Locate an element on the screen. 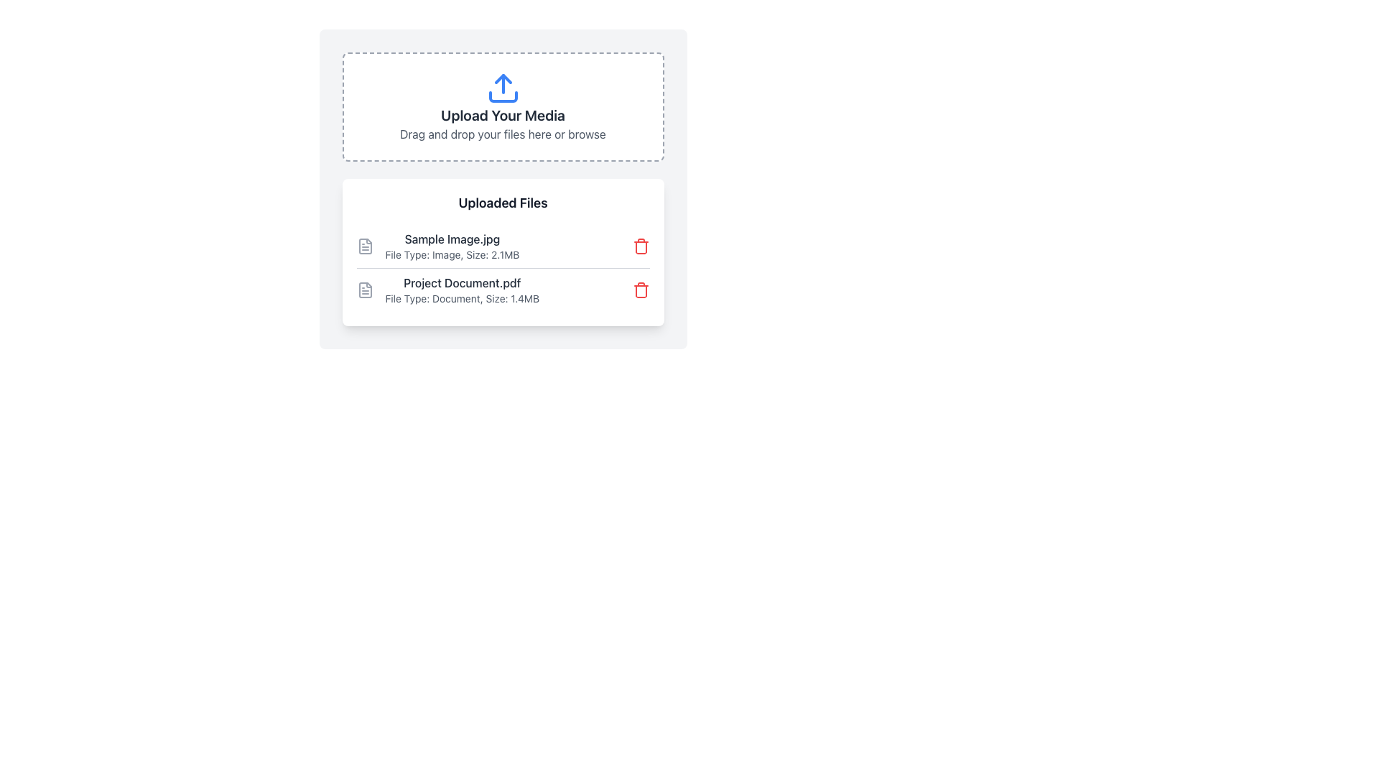  the file name in the 'Uploaded Files' section is located at coordinates (447, 290).